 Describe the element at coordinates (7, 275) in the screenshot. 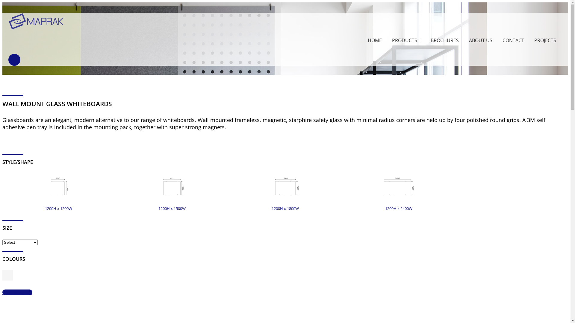

I see `'White magnetic starphire safety glass'` at that location.